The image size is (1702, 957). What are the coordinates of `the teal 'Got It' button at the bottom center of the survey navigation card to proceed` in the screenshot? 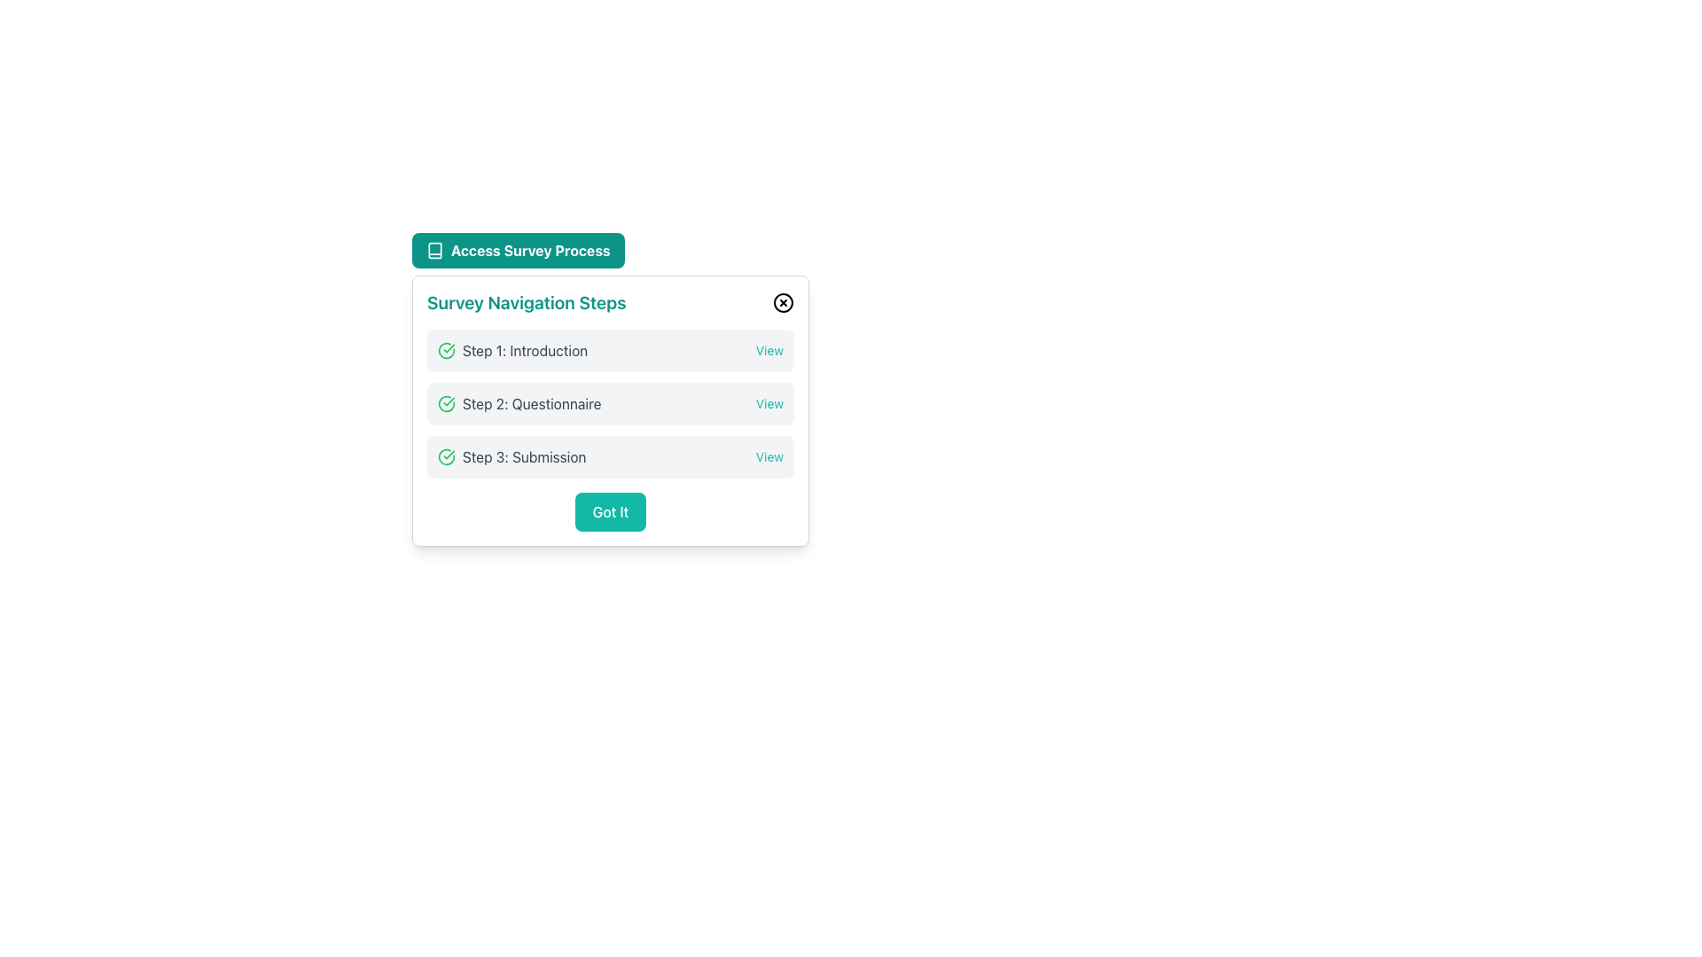 It's located at (611, 512).